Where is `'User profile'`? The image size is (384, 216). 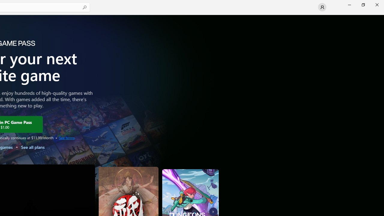 'User profile' is located at coordinates (322, 7).